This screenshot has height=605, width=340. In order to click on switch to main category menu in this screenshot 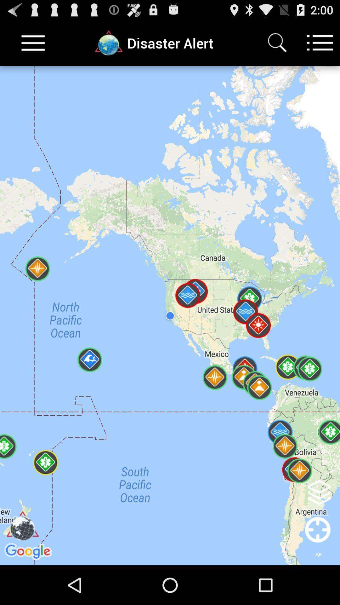, I will do `click(320, 43)`.